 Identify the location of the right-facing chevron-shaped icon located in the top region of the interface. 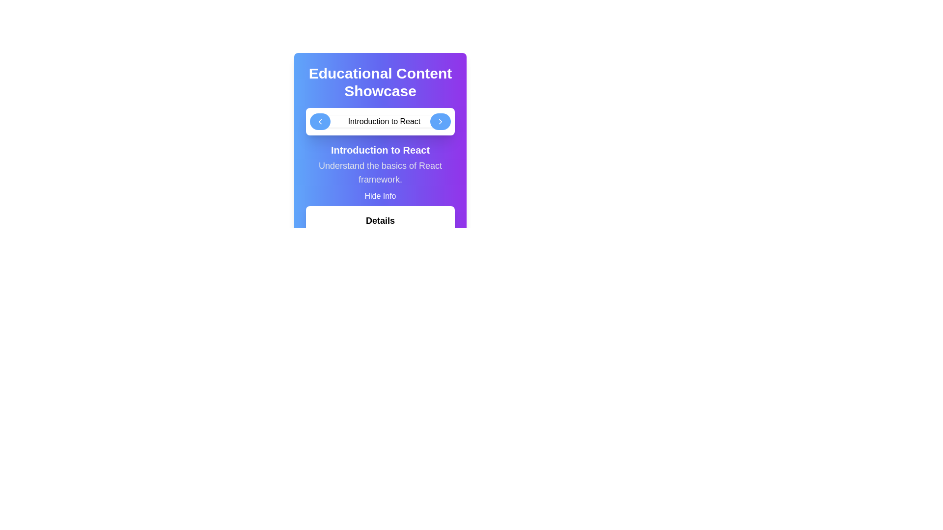
(440, 121).